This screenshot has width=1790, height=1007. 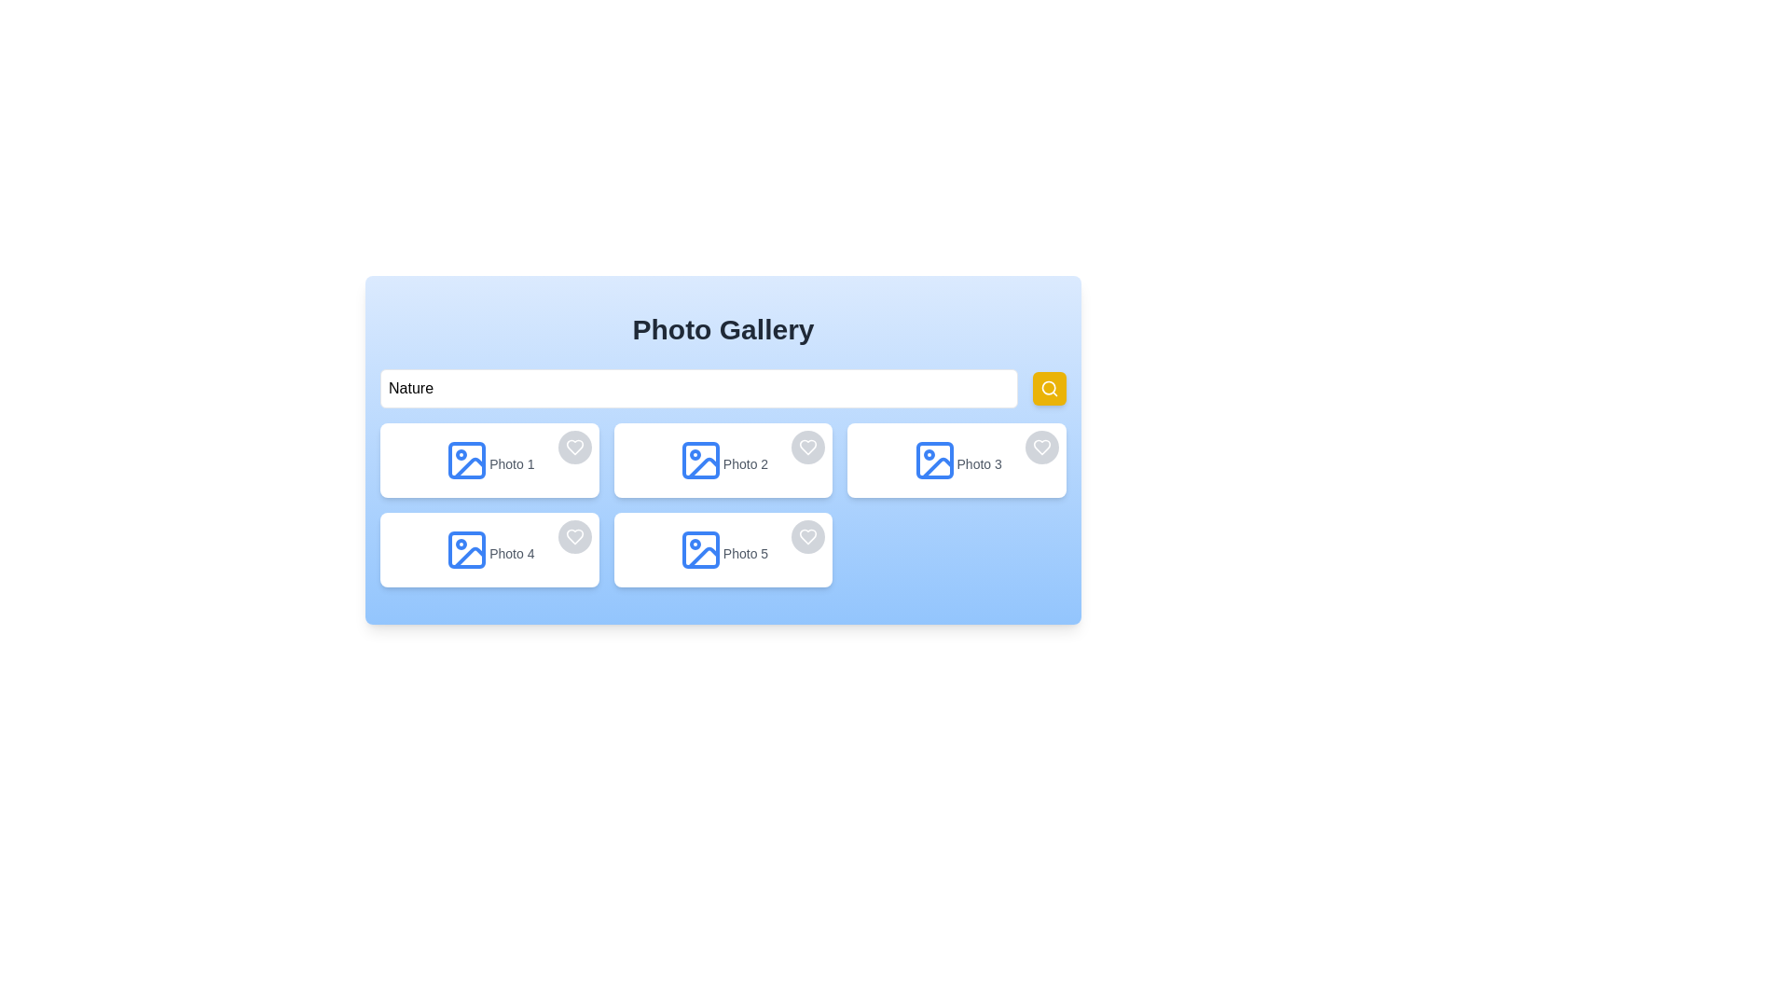 I want to click on the rounded rectangle subcomponent within the photo placeholder for 'Photo 2' in the Photo Gallery UI, so click(x=699, y=460).